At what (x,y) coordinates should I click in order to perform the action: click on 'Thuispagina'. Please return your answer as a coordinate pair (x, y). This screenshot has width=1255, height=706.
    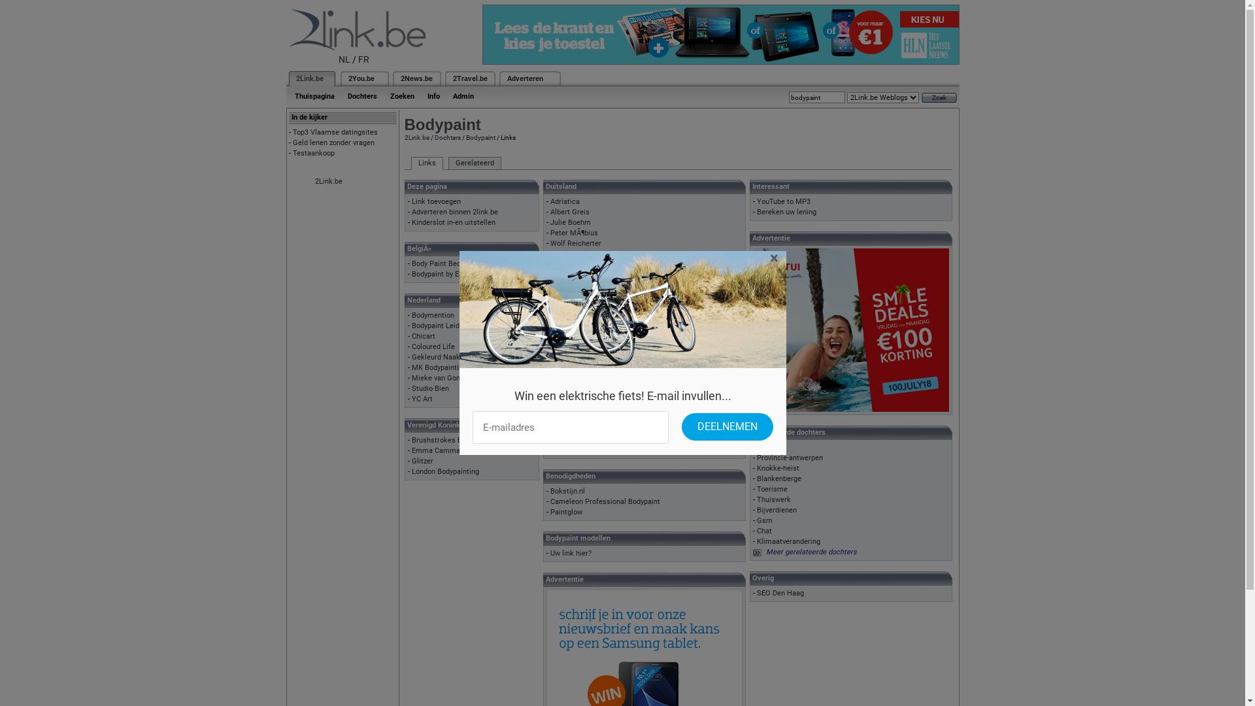
    Looking at the image, I should click on (314, 95).